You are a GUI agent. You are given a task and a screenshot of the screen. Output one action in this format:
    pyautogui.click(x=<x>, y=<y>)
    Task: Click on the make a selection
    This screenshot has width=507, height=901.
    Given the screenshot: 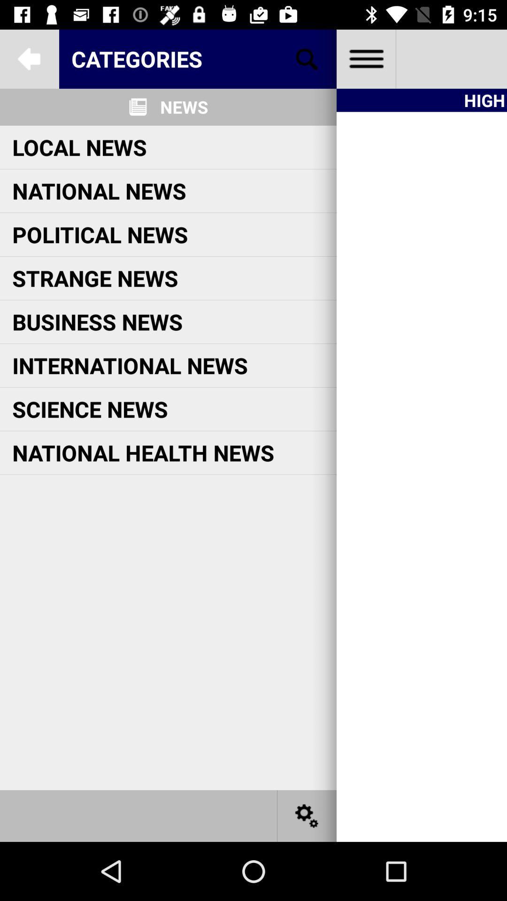 What is the action you would take?
    pyautogui.click(x=307, y=58)
    